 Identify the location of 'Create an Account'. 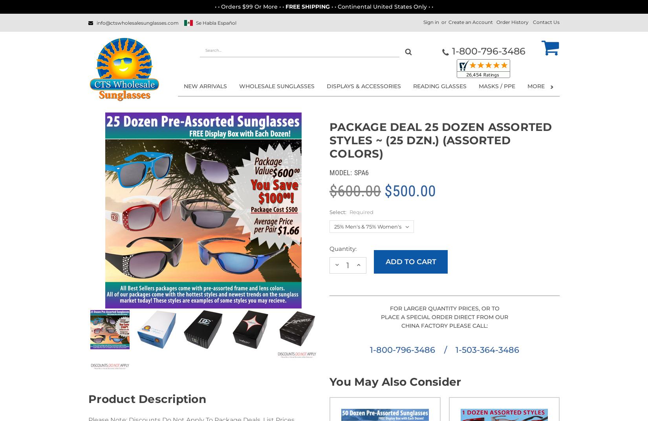
(470, 22).